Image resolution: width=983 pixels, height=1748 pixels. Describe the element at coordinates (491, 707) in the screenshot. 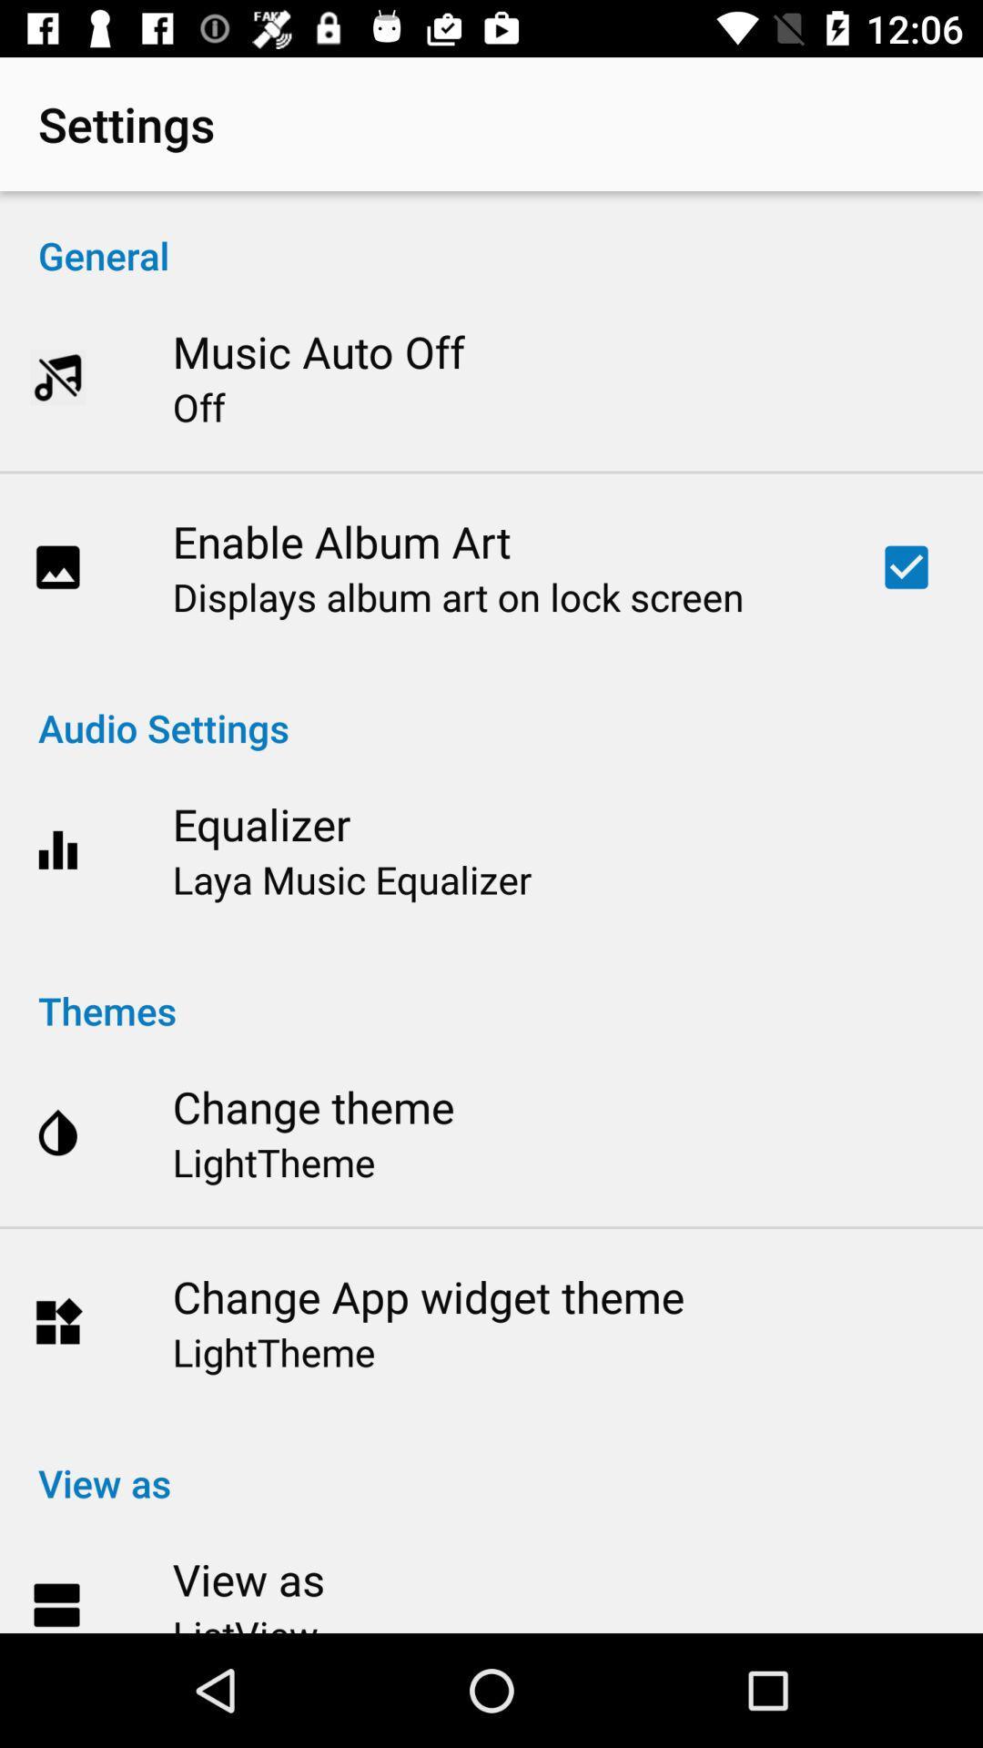

I see `audio settings icon` at that location.